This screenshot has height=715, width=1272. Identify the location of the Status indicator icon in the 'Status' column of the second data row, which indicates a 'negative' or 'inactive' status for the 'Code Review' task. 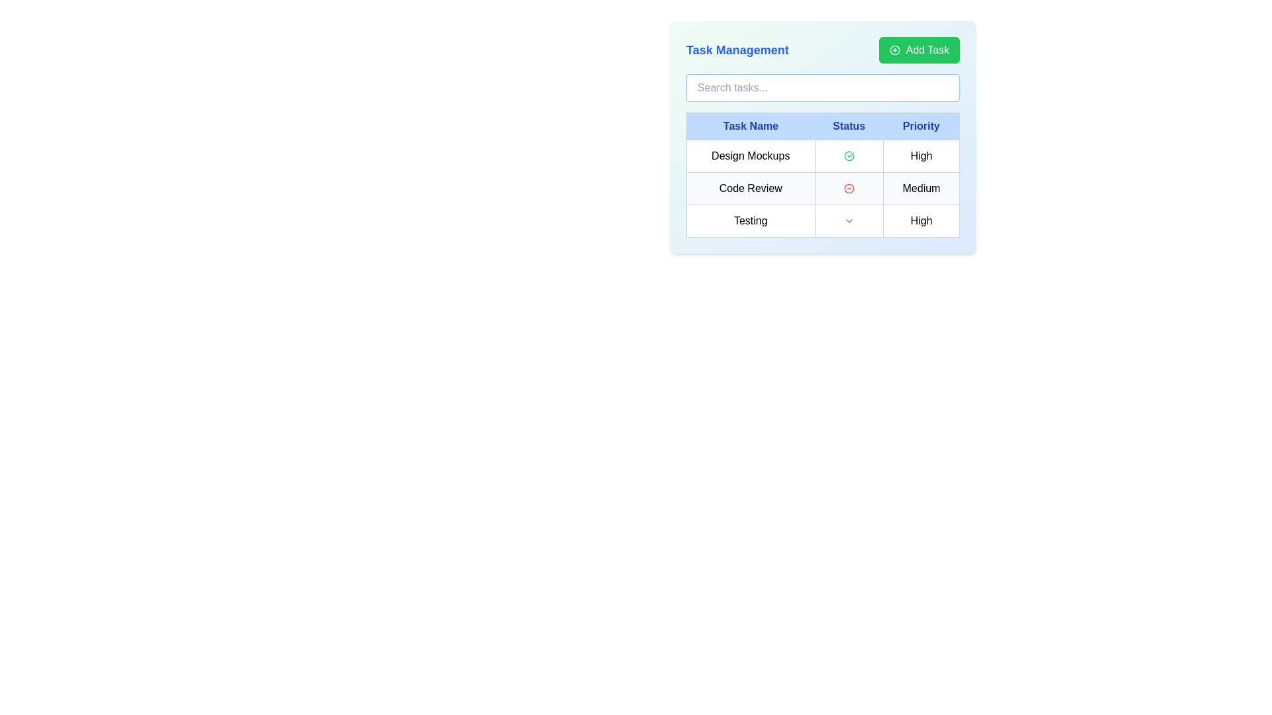
(849, 189).